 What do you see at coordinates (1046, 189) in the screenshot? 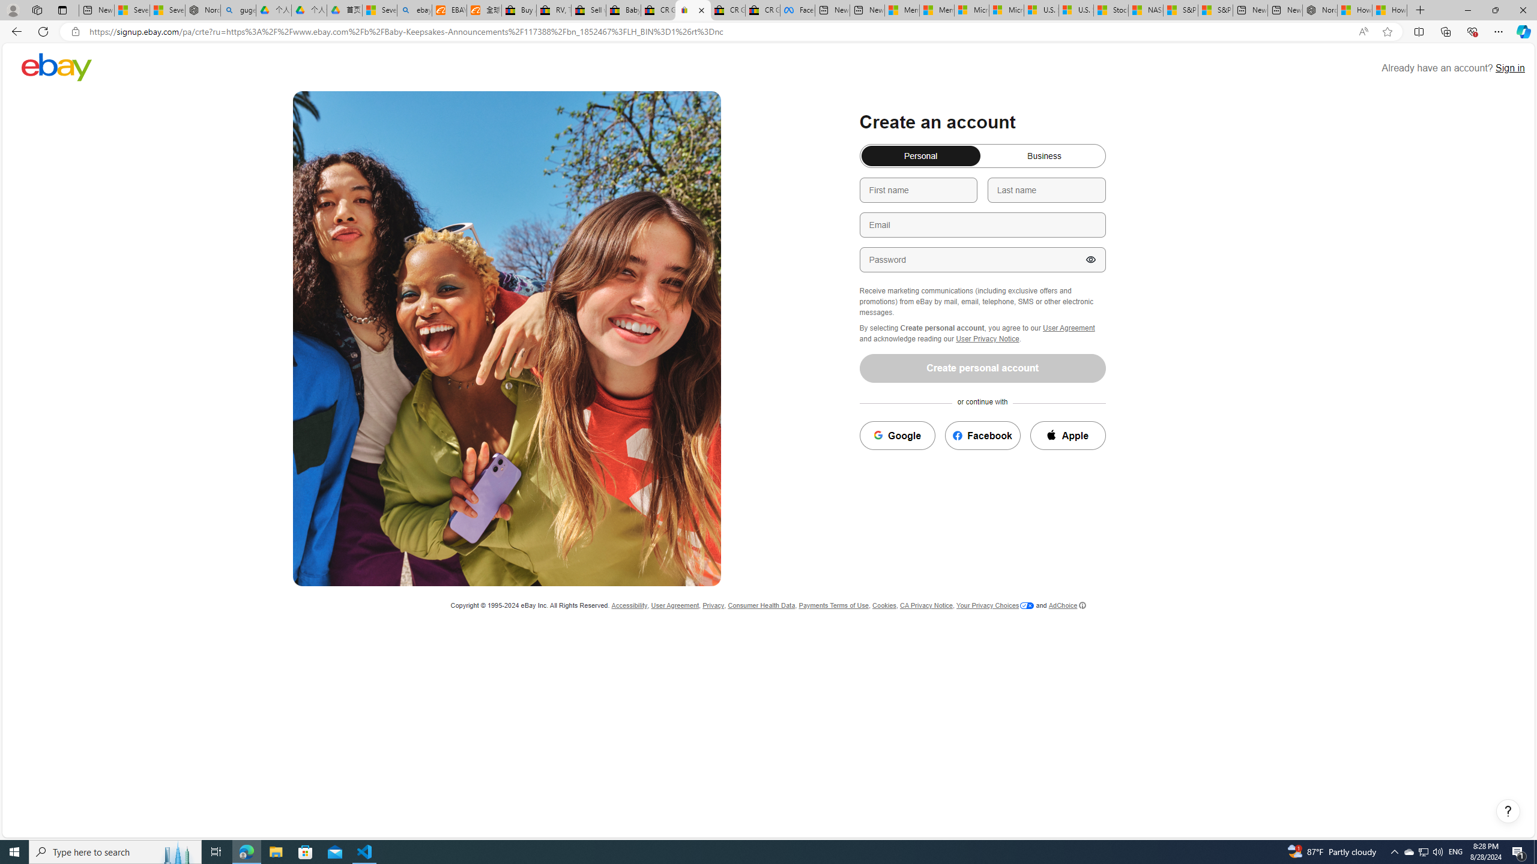
I see `'Last name'` at bounding box center [1046, 189].